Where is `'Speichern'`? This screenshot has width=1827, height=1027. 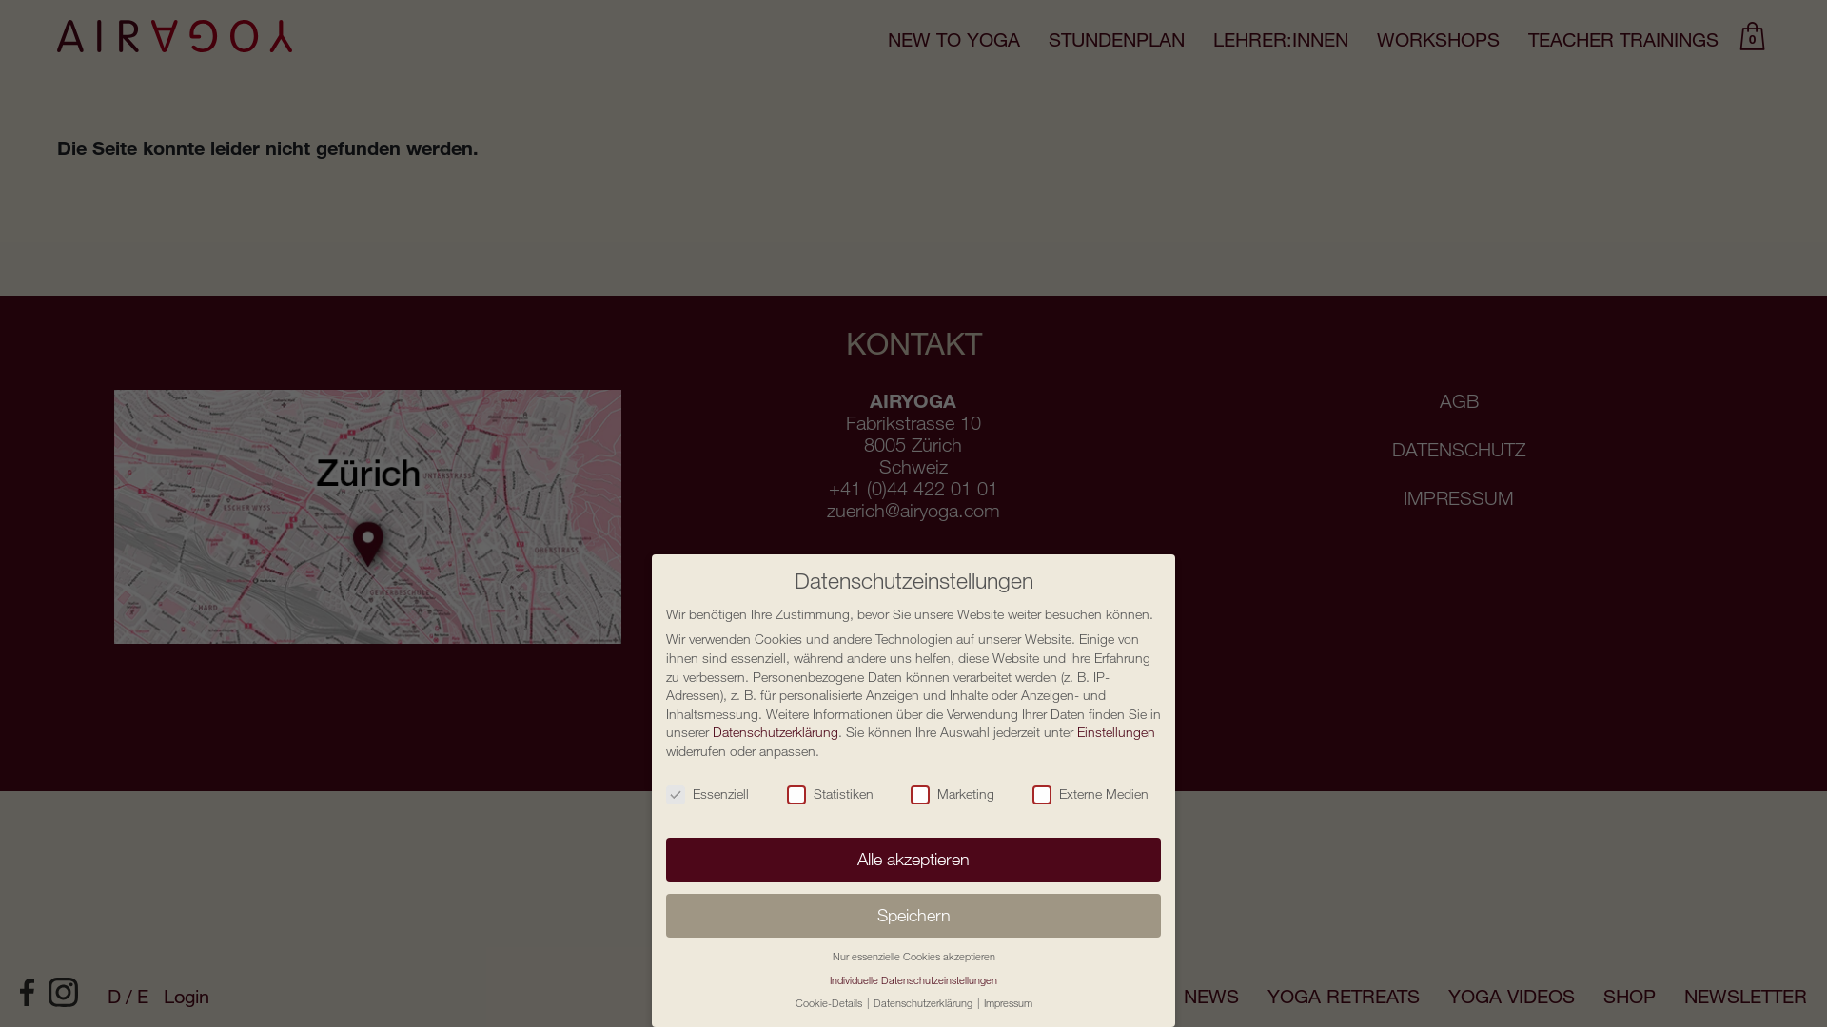 'Speichern' is located at coordinates (913, 915).